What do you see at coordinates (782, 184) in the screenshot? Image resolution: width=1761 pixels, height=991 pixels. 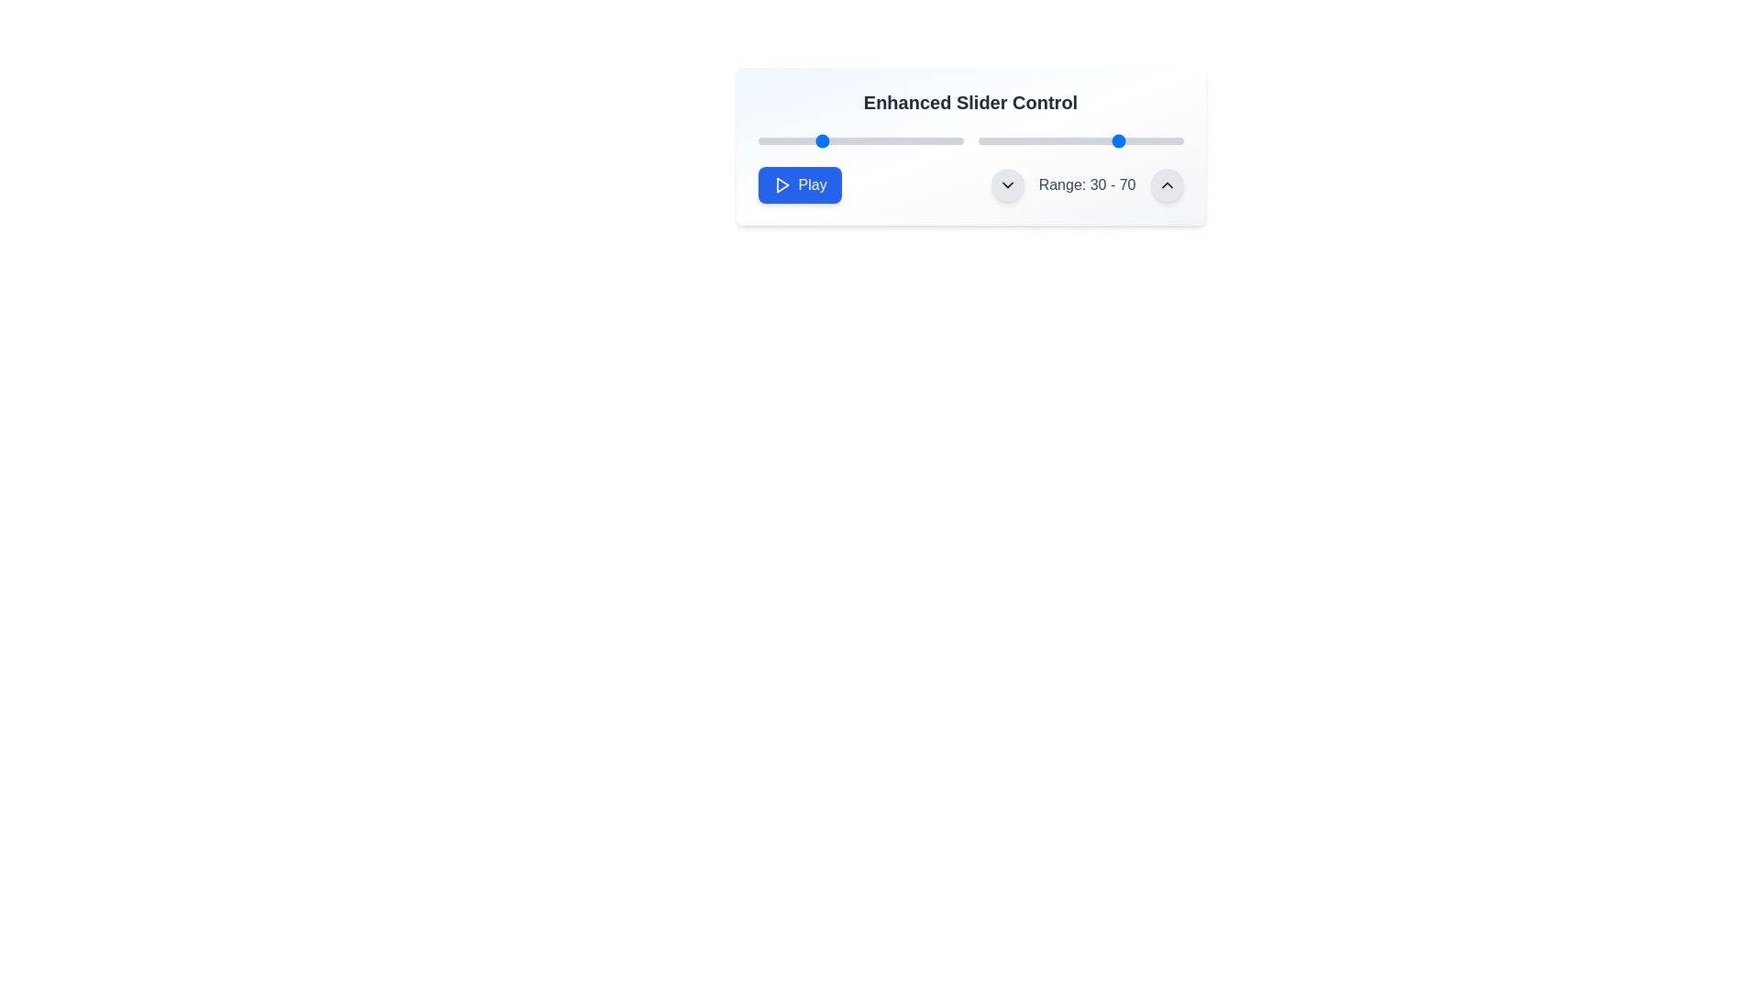 I see `the play icon located centrally within the blue rectangular 'Play' button to initiate the play functionality` at bounding box center [782, 184].